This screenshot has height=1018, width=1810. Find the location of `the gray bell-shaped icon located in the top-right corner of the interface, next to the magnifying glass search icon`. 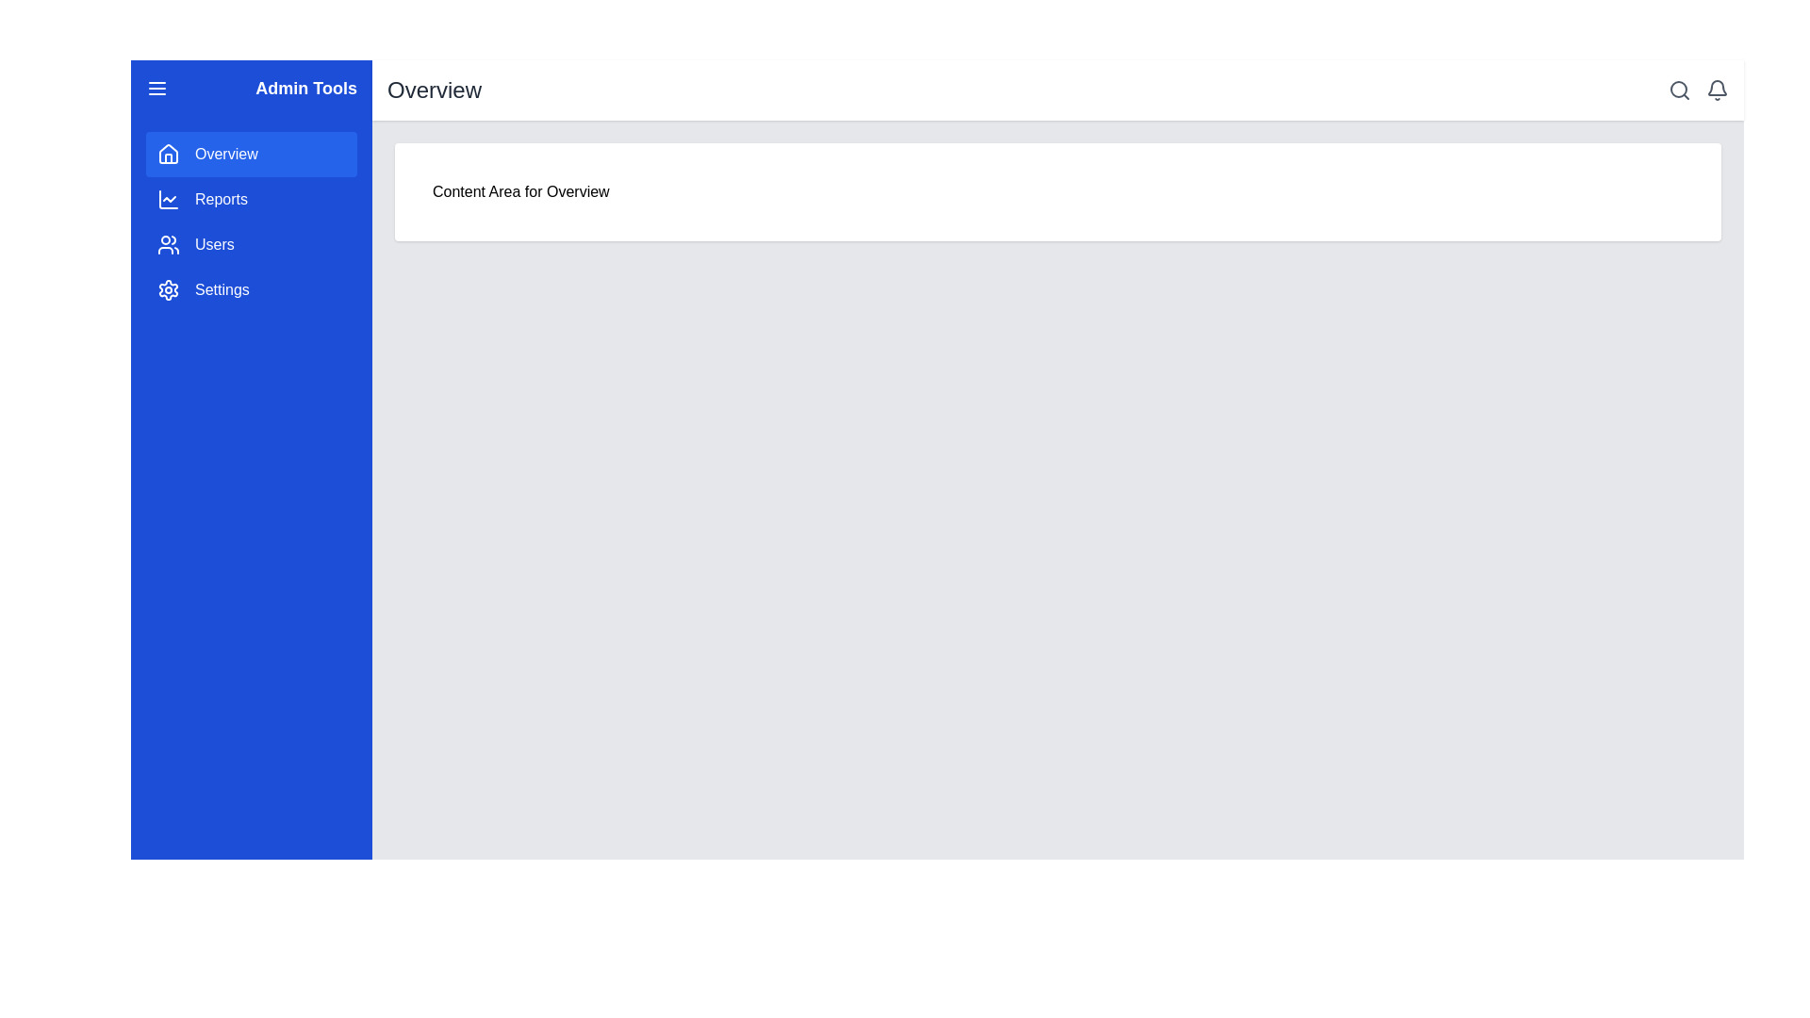

the gray bell-shaped icon located in the top-right corner of the interface, next to the magnifying glass search icon is located at coordinates (1718, 90).